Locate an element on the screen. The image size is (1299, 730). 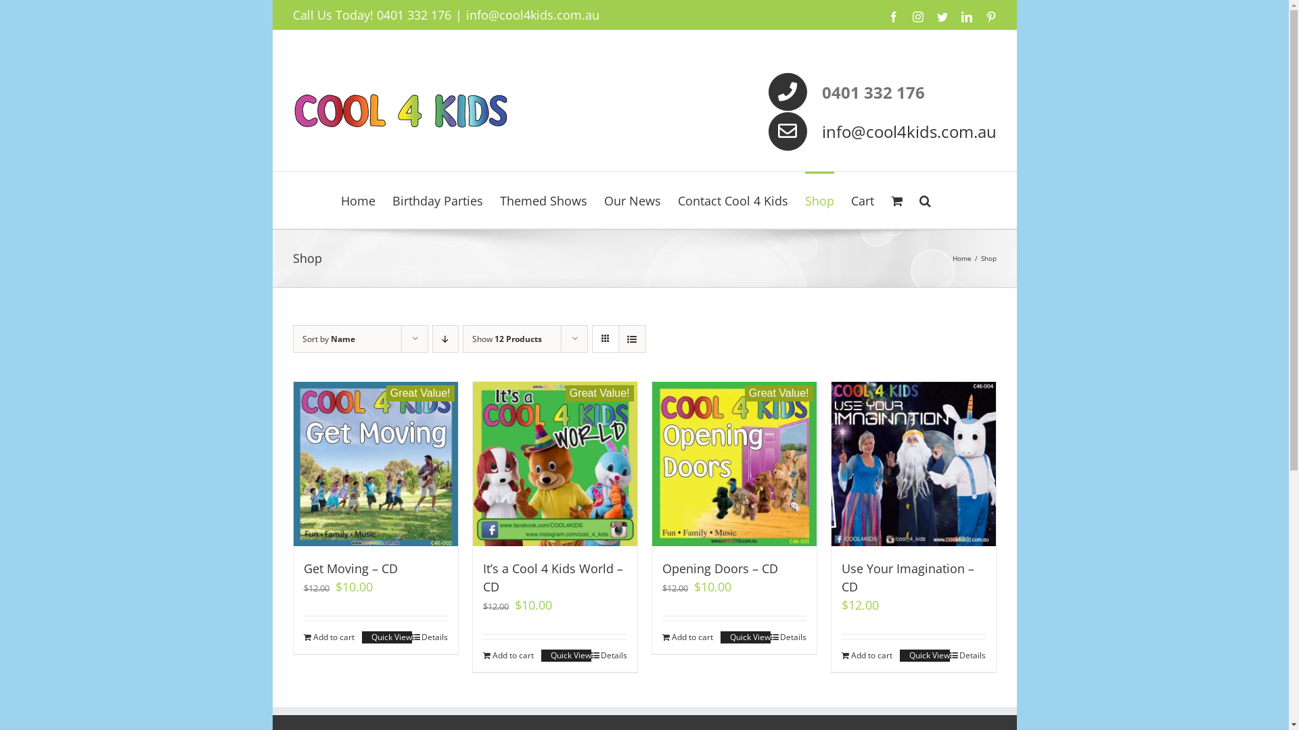
'Twitter' is located at coordinates (935, 16).